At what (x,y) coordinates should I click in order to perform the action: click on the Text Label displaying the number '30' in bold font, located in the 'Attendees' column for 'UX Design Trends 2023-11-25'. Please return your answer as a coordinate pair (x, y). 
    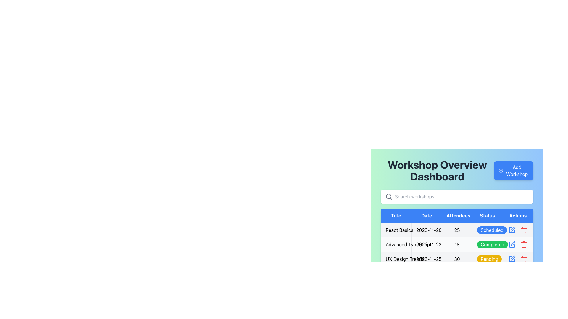
    Looking at the image, I should click on (457, 258).